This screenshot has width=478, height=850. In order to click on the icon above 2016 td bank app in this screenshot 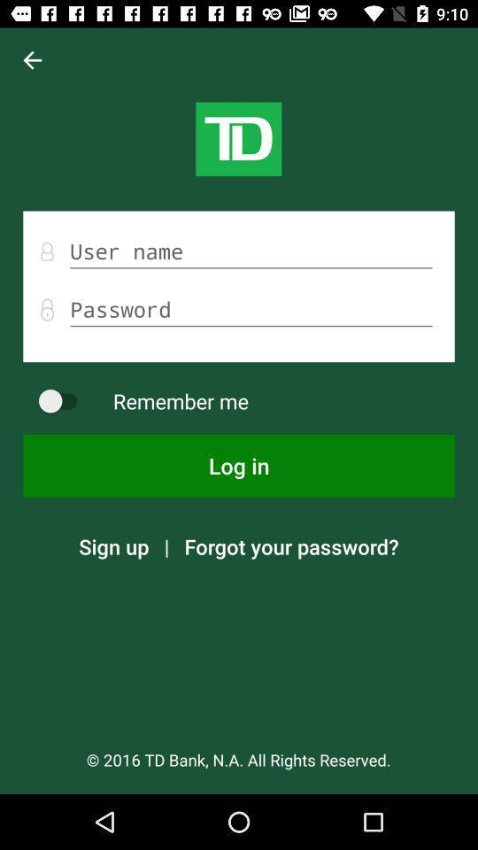, I will do `click(113, 545)`.